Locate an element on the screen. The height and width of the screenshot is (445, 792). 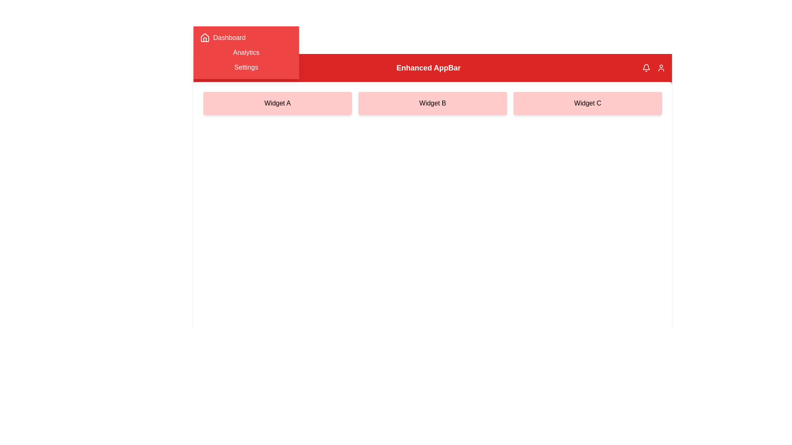
the user in the AppBar is located at coordinates (661, 68).